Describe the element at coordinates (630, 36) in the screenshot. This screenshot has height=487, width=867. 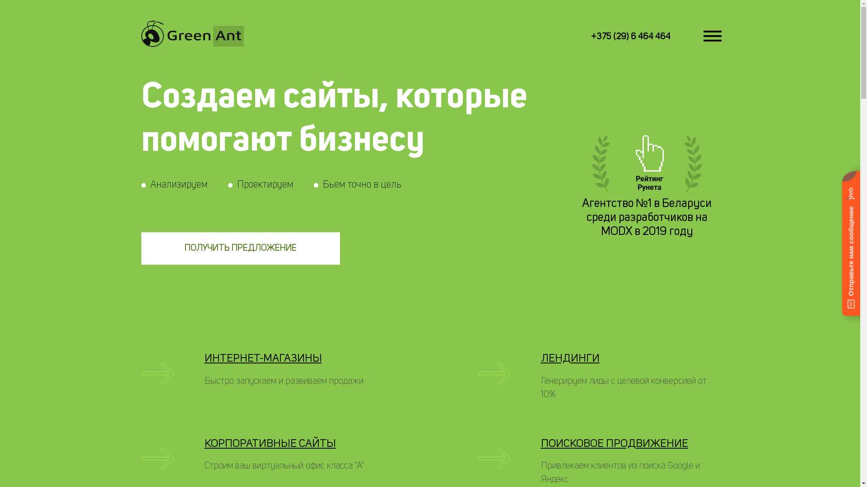
I see `'+375 (29) 6 464 464'` at that location.